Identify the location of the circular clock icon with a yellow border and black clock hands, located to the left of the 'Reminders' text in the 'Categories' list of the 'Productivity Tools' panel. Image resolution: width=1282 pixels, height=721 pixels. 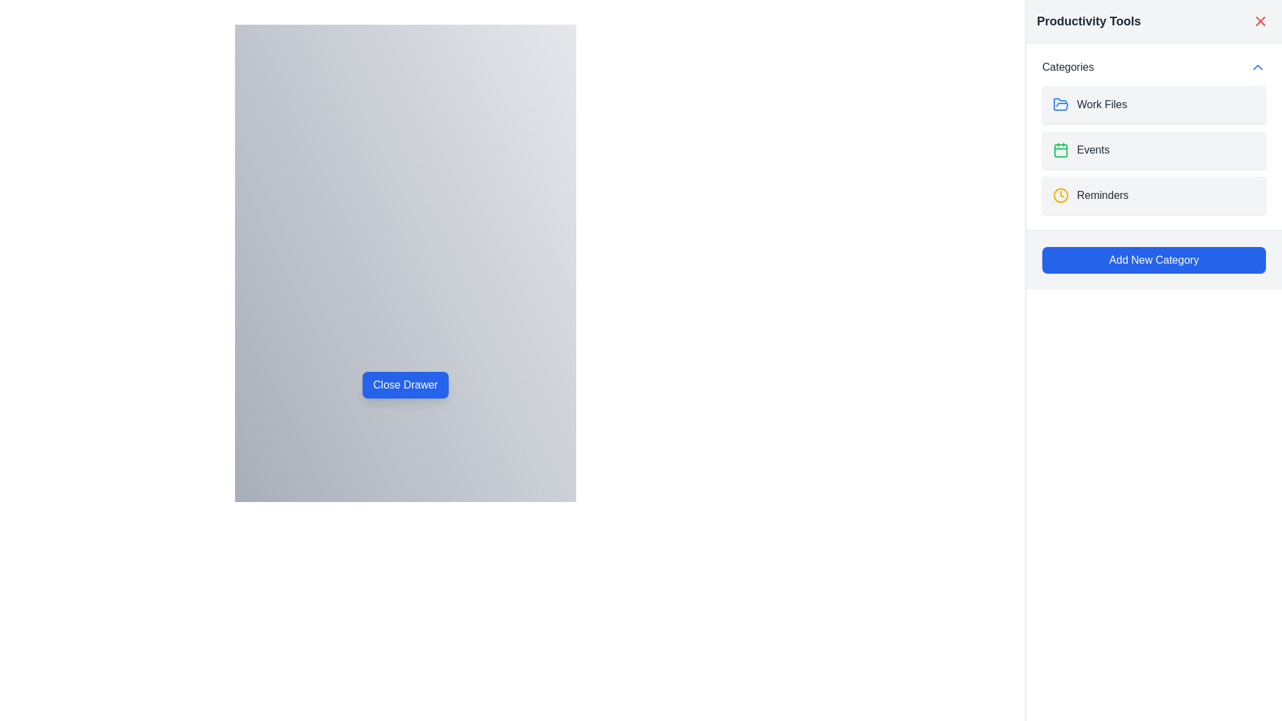
(1060, 196).